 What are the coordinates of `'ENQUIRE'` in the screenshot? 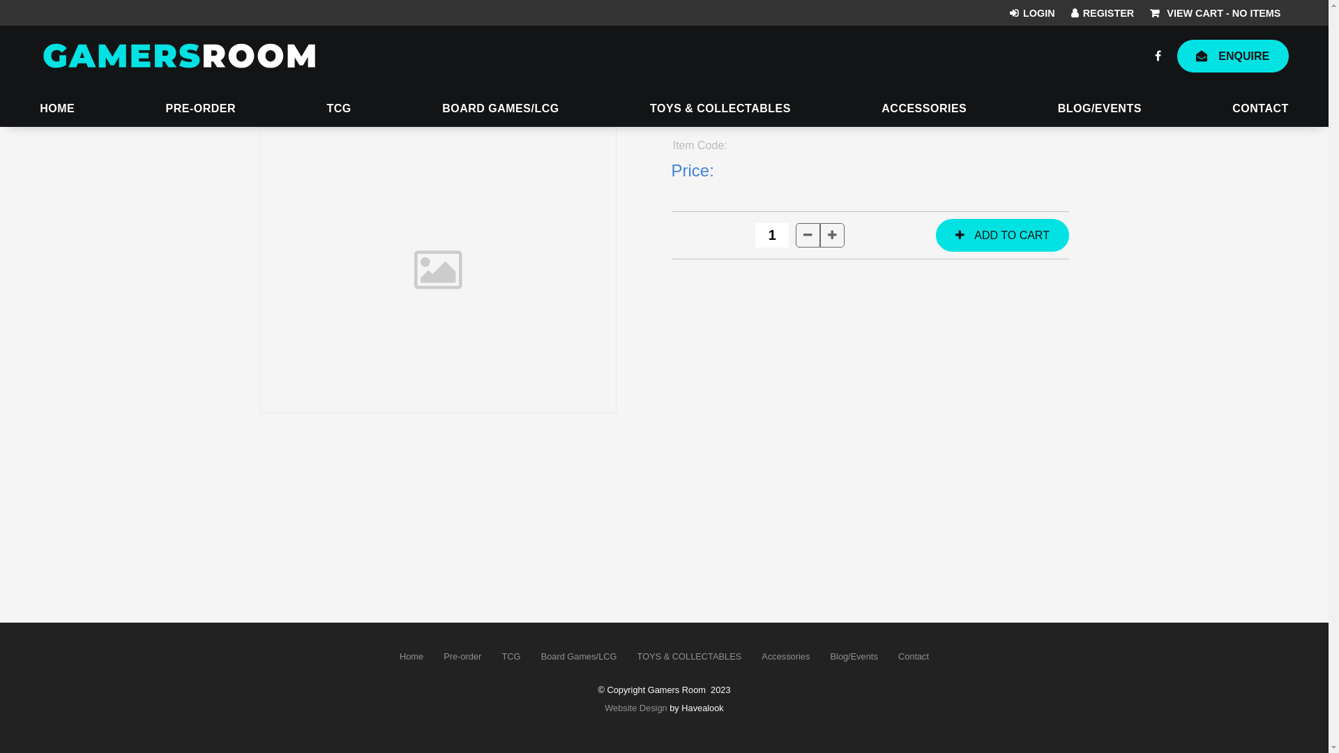 It's located at (1232, 55).